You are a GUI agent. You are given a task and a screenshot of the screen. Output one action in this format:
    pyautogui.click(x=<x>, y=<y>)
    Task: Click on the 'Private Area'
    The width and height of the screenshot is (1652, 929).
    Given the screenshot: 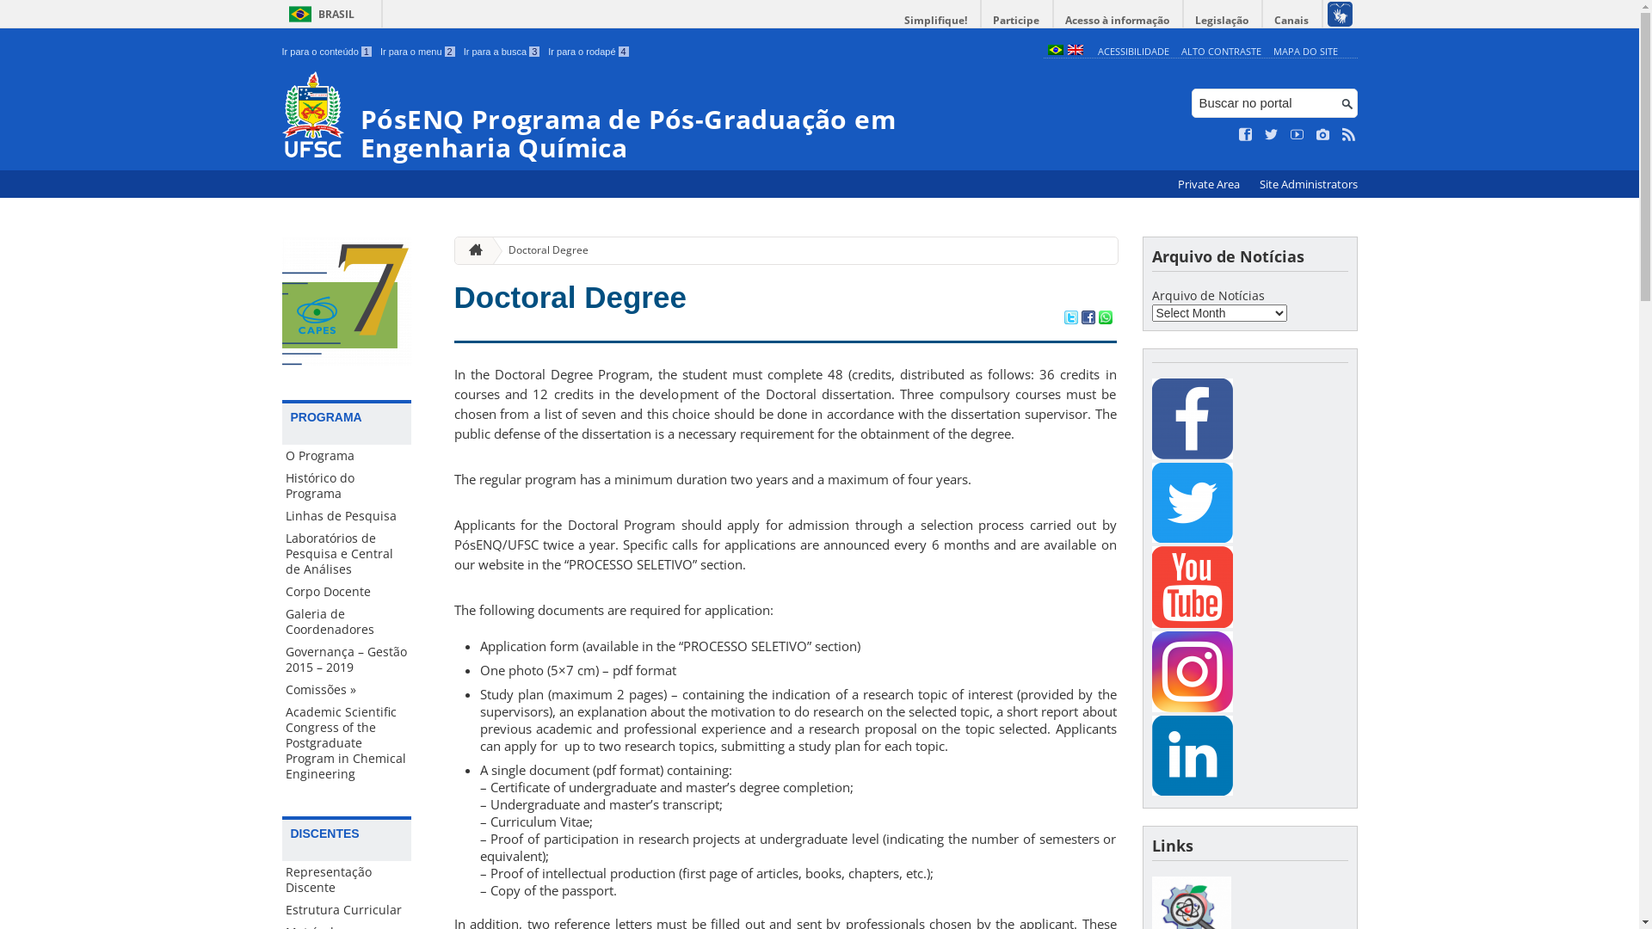 What is the action you would take?
    pyautogui.click(x=1208, y=184)
    